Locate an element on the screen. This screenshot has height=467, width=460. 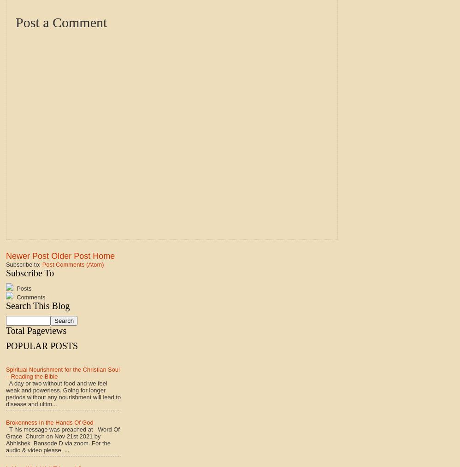
'Post Comments (Atom)' is located at coordinates (72, 263).